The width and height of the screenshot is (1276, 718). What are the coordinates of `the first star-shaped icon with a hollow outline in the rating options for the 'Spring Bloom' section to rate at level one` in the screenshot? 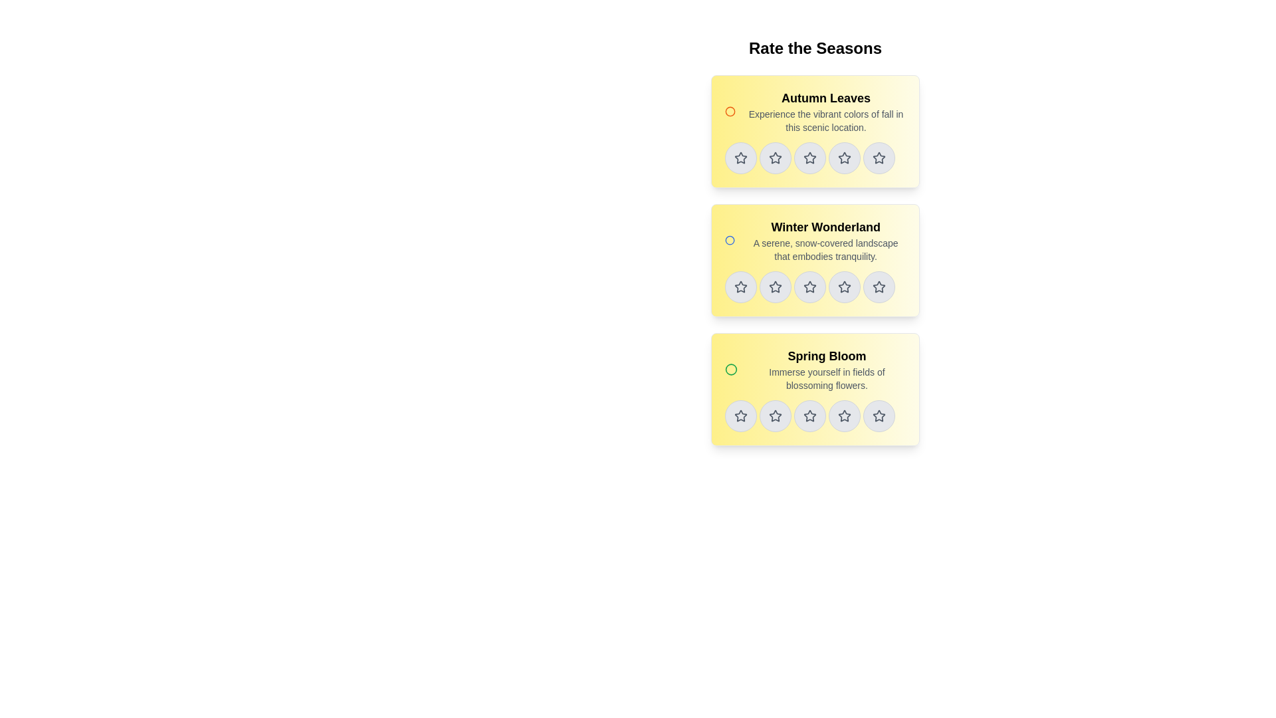 It's located at (740, 415).